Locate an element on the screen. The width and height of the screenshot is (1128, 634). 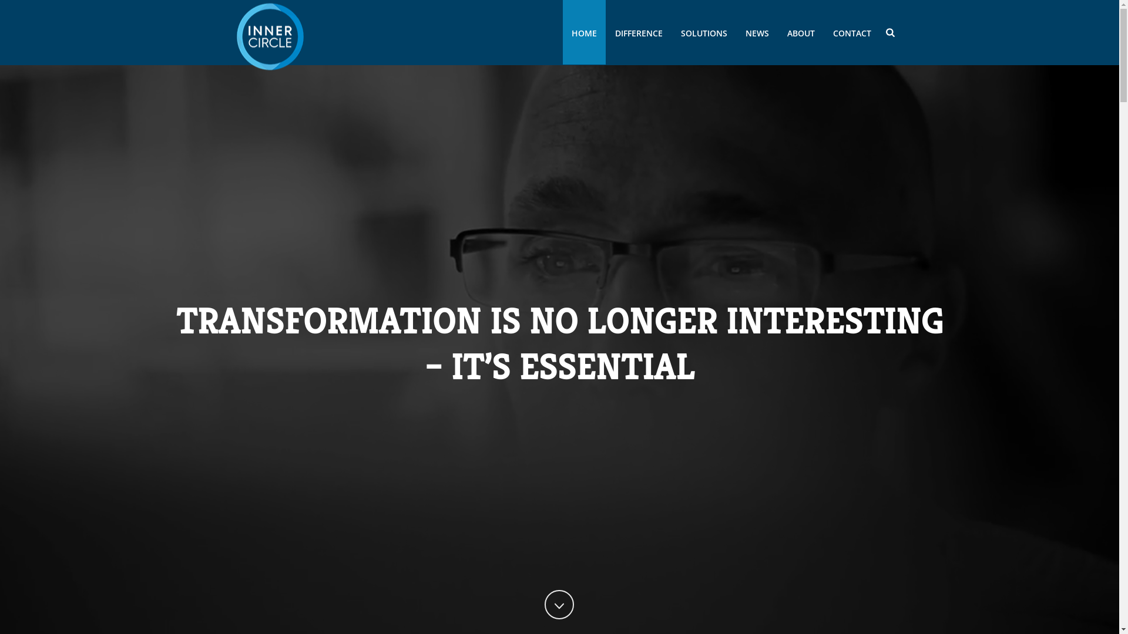
'CONTACT' is located at coordinates (852, 31).